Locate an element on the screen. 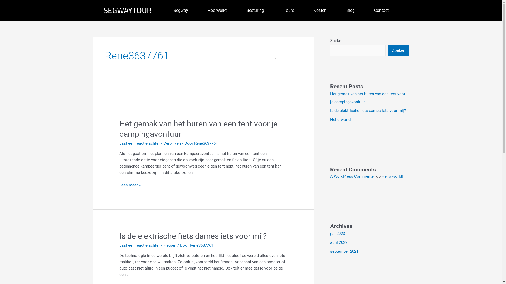  'Contact' is located at coordinates (381, 10).